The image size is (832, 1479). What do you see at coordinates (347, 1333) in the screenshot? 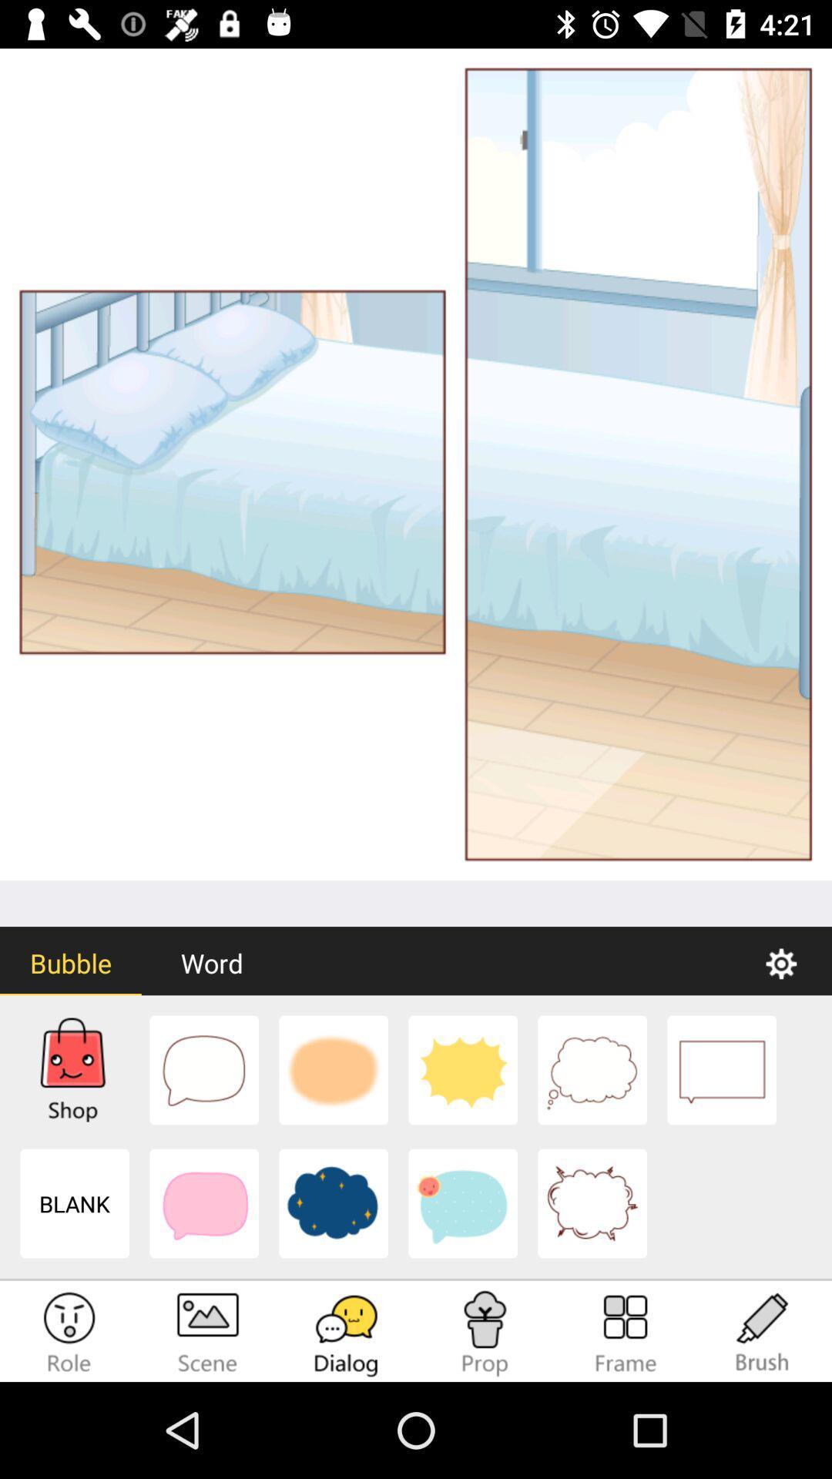
I see `the chat icon` at bounding box center [347, 1333].